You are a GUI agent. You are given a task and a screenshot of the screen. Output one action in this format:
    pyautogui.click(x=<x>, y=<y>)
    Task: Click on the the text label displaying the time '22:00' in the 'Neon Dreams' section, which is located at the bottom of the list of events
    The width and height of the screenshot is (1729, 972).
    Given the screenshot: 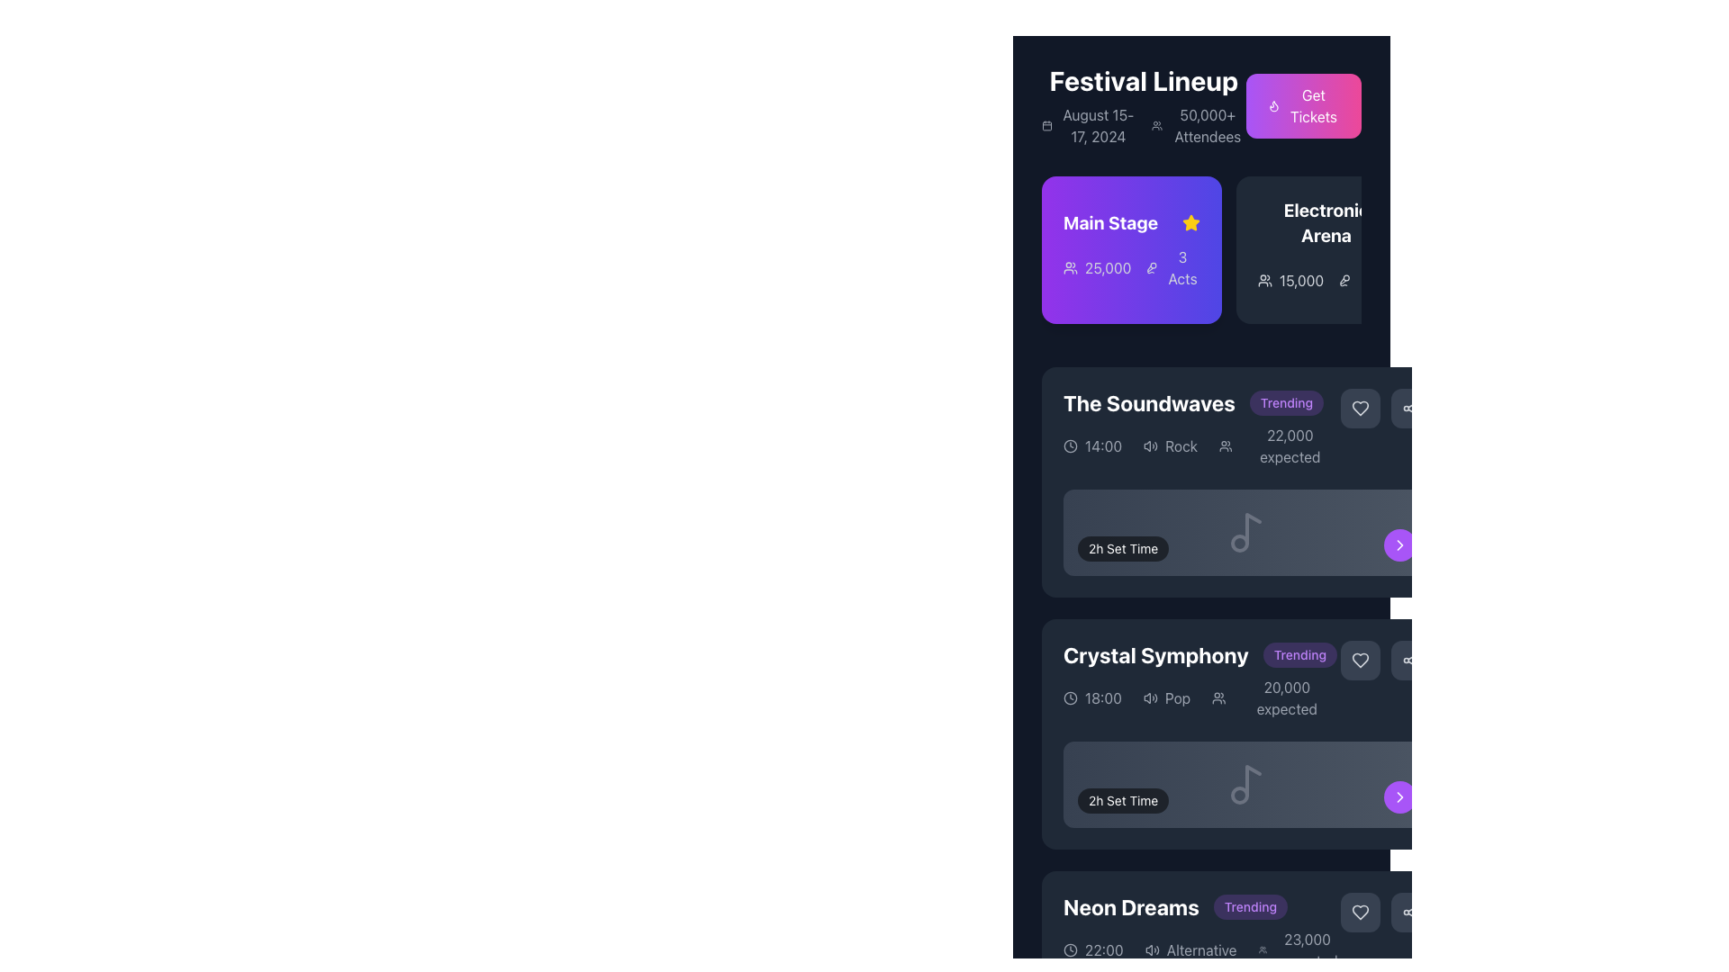 What is the action you would take?
    pyautogui.click(x=1103, y=949)
    